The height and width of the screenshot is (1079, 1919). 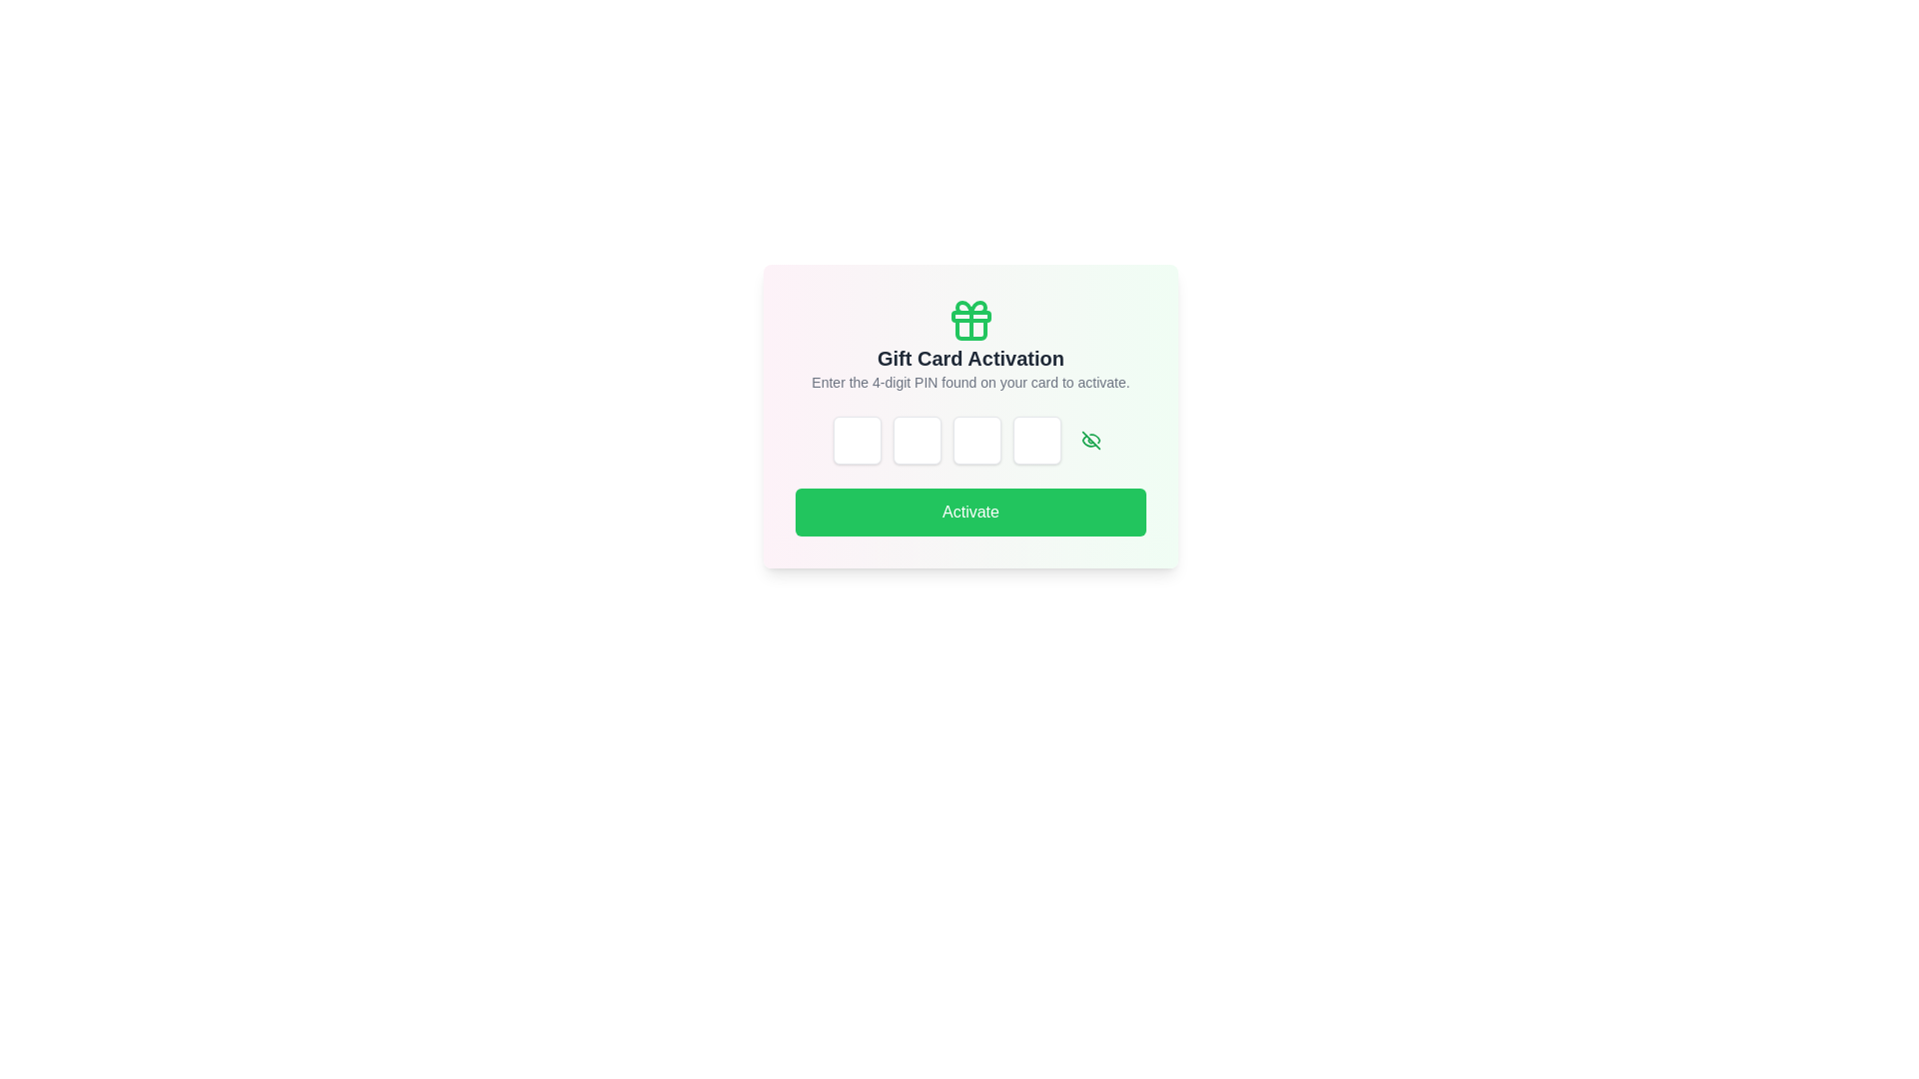 I want to click on the static text element that instructs users to 'Enter the 4-digit PIN found on your card to activate.' This text is styled in a smaller gray font and is positioned directly beneath the title 'Gift Card Activation.', so click(x=970, y=382).